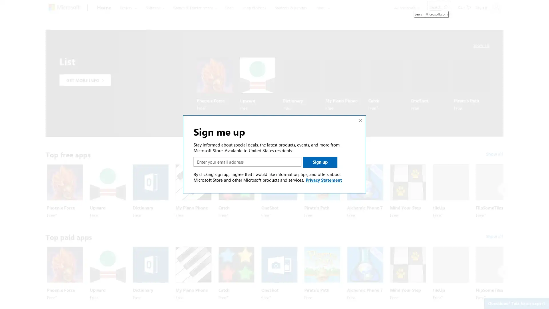  Describe the element at coordinates (323, 7) in the screenshot. I see `More` at that location.